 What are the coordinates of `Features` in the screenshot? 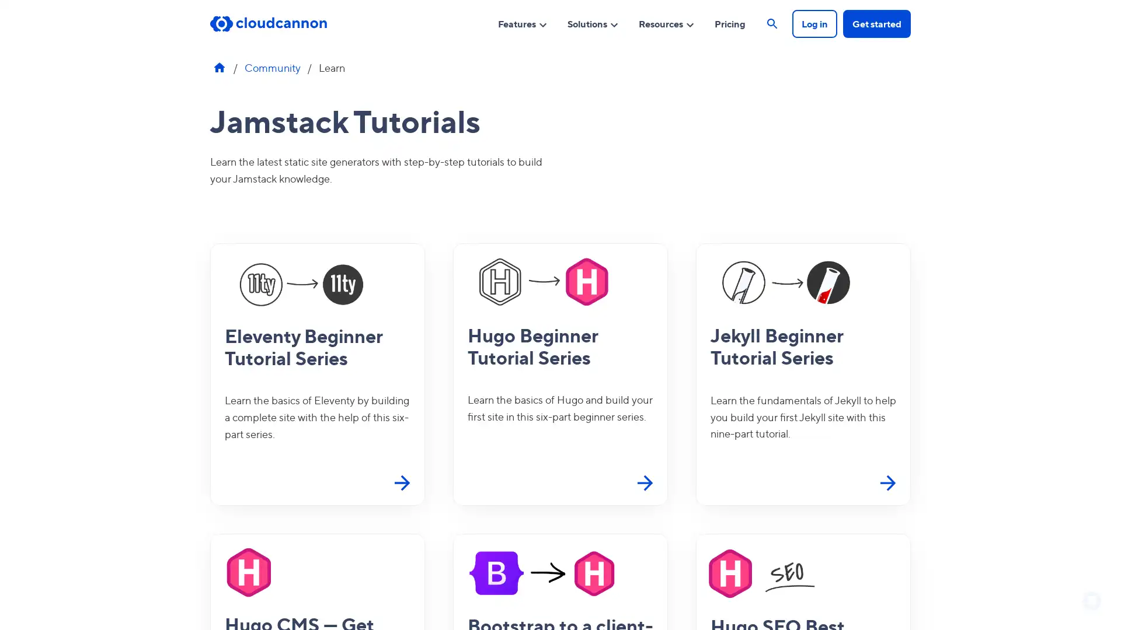 It's located at (522, 23).